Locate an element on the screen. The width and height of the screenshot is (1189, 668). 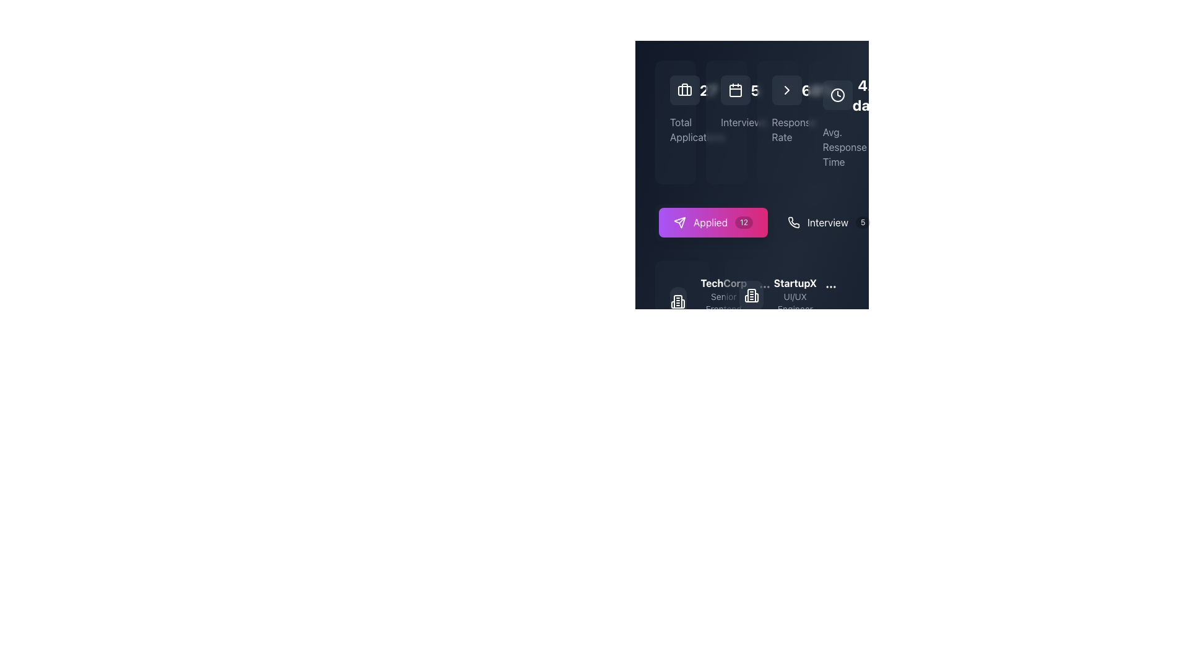
the text label that indicates the meaning of the numeric value '27', which represents the total number of applications, located within a dark gray card below the number is located at coordinates (675, 129).